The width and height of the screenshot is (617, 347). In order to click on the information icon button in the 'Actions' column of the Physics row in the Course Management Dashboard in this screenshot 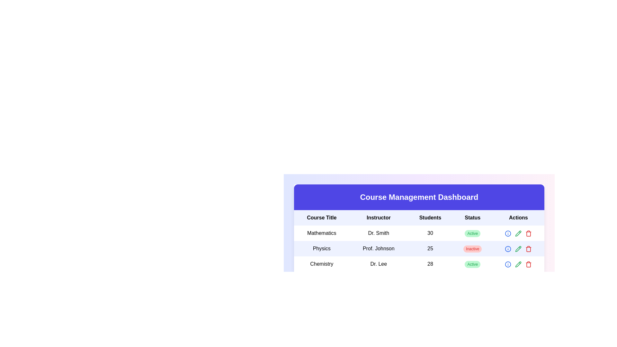, I will do `click(508, 248)`.